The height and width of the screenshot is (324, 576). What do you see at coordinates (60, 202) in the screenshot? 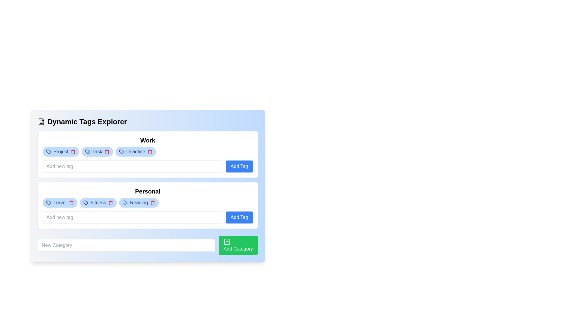
I see `the 'Travel' tag located in the 'Personal' section, which is the first tag in the category` at bounding box center [60, 202].